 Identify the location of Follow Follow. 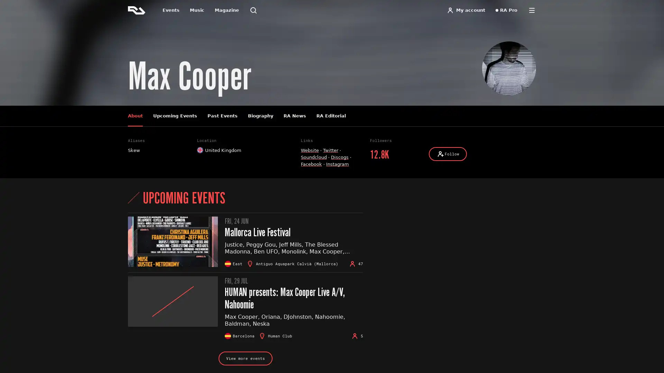
(448, 153).